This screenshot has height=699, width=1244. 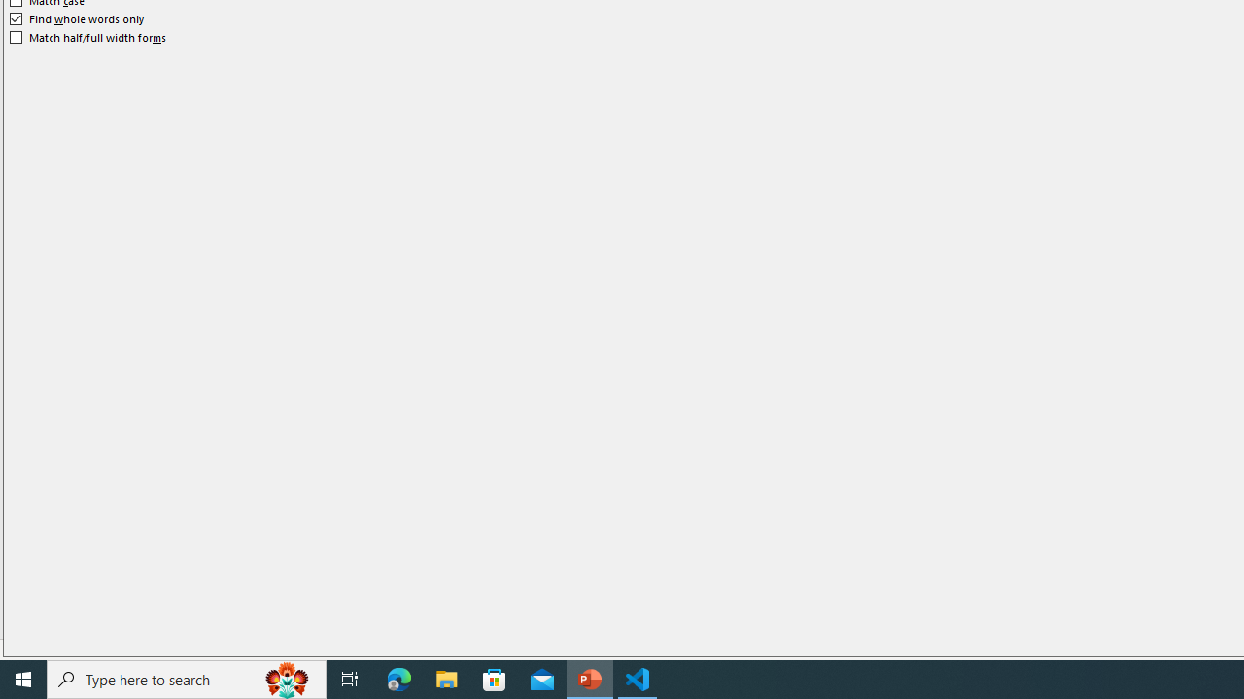 What do you see at coordinates (78, 19) in the screenshot?
I see `'Find whole words only'` at bounding box center [78, 19].